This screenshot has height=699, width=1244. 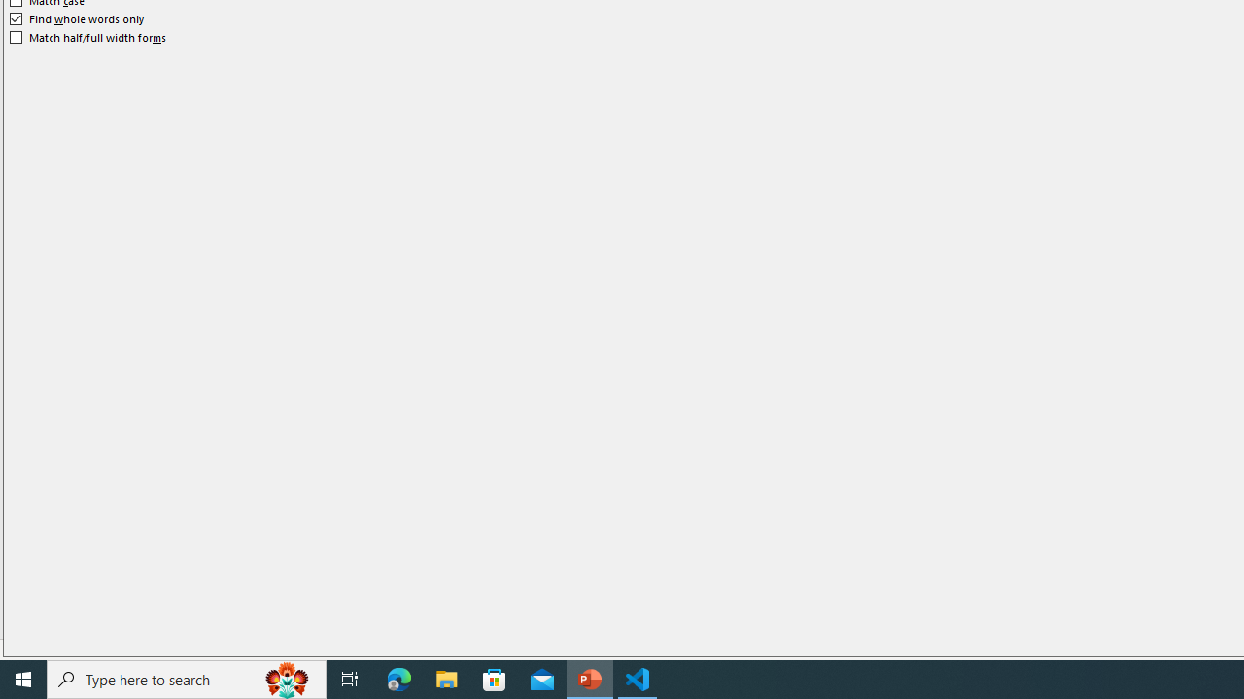 What do you see at coordinates (78, 19) in the screenshot?
I see `'Find whole words only'` at bounding box center [78, 19].